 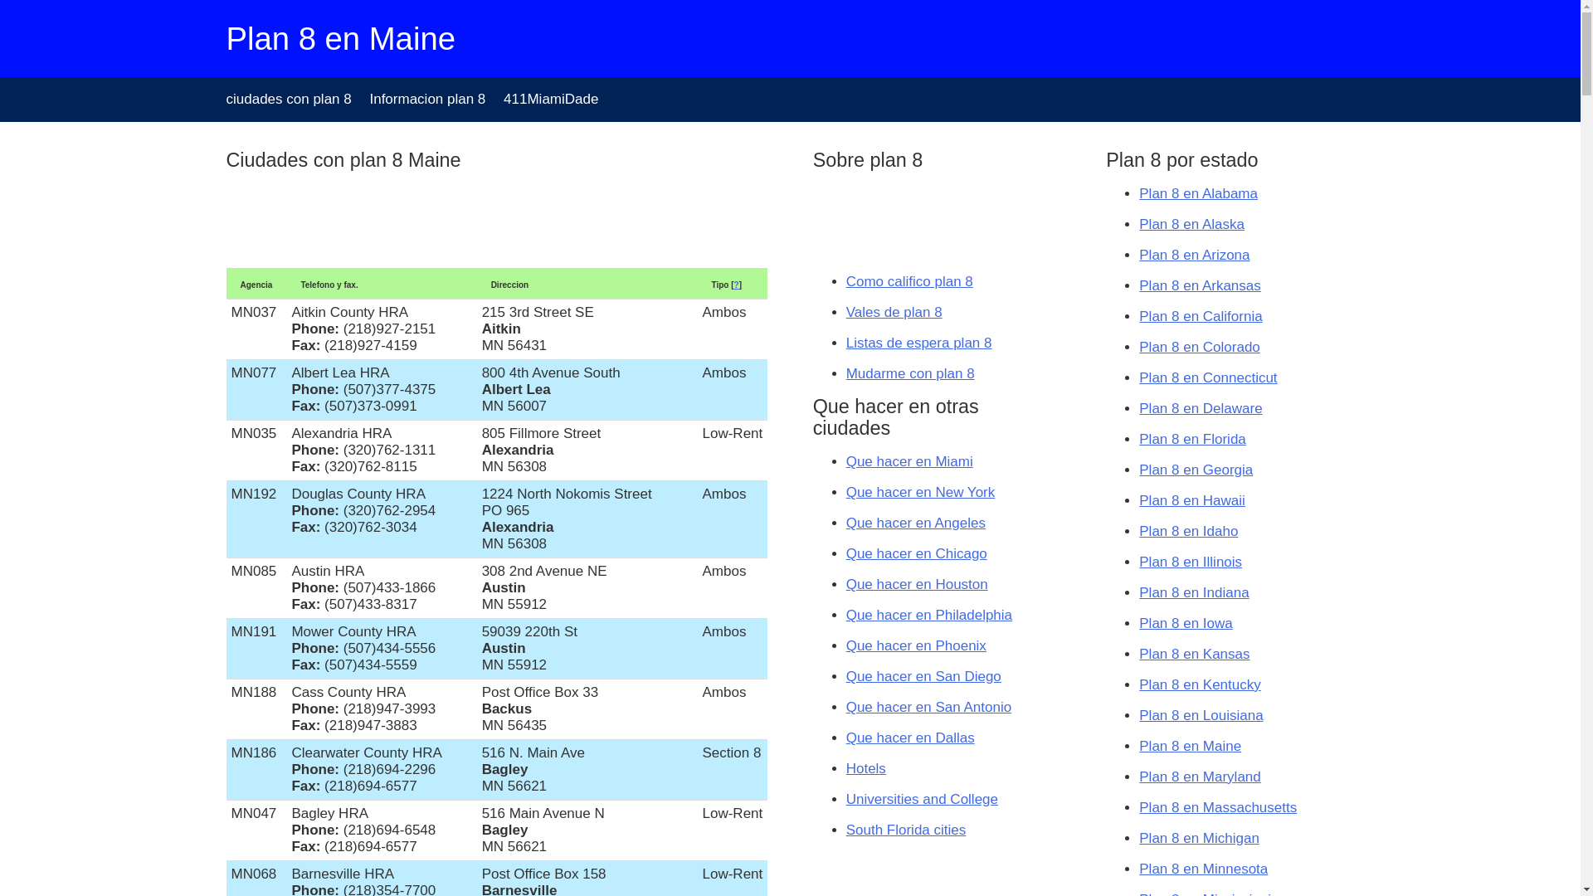 What do you see at coordinates (909, 737) in the screenshot?
I see `'Que hacer en Dallas'` at bounding box center [909, 737].